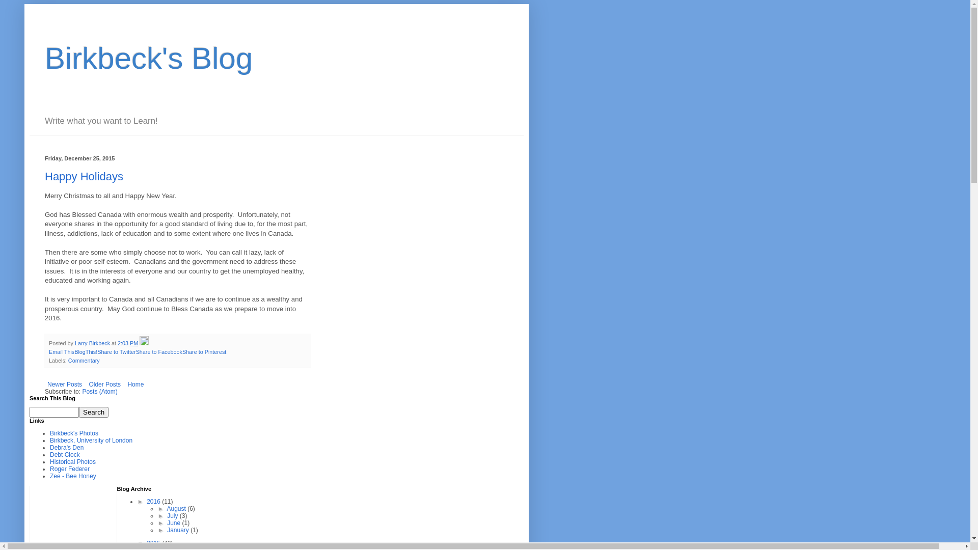  What do you see at coordinates (93, 343) in the screenshot?
I see `'Larry Birkbeck'` at bounding box center [93, 343].